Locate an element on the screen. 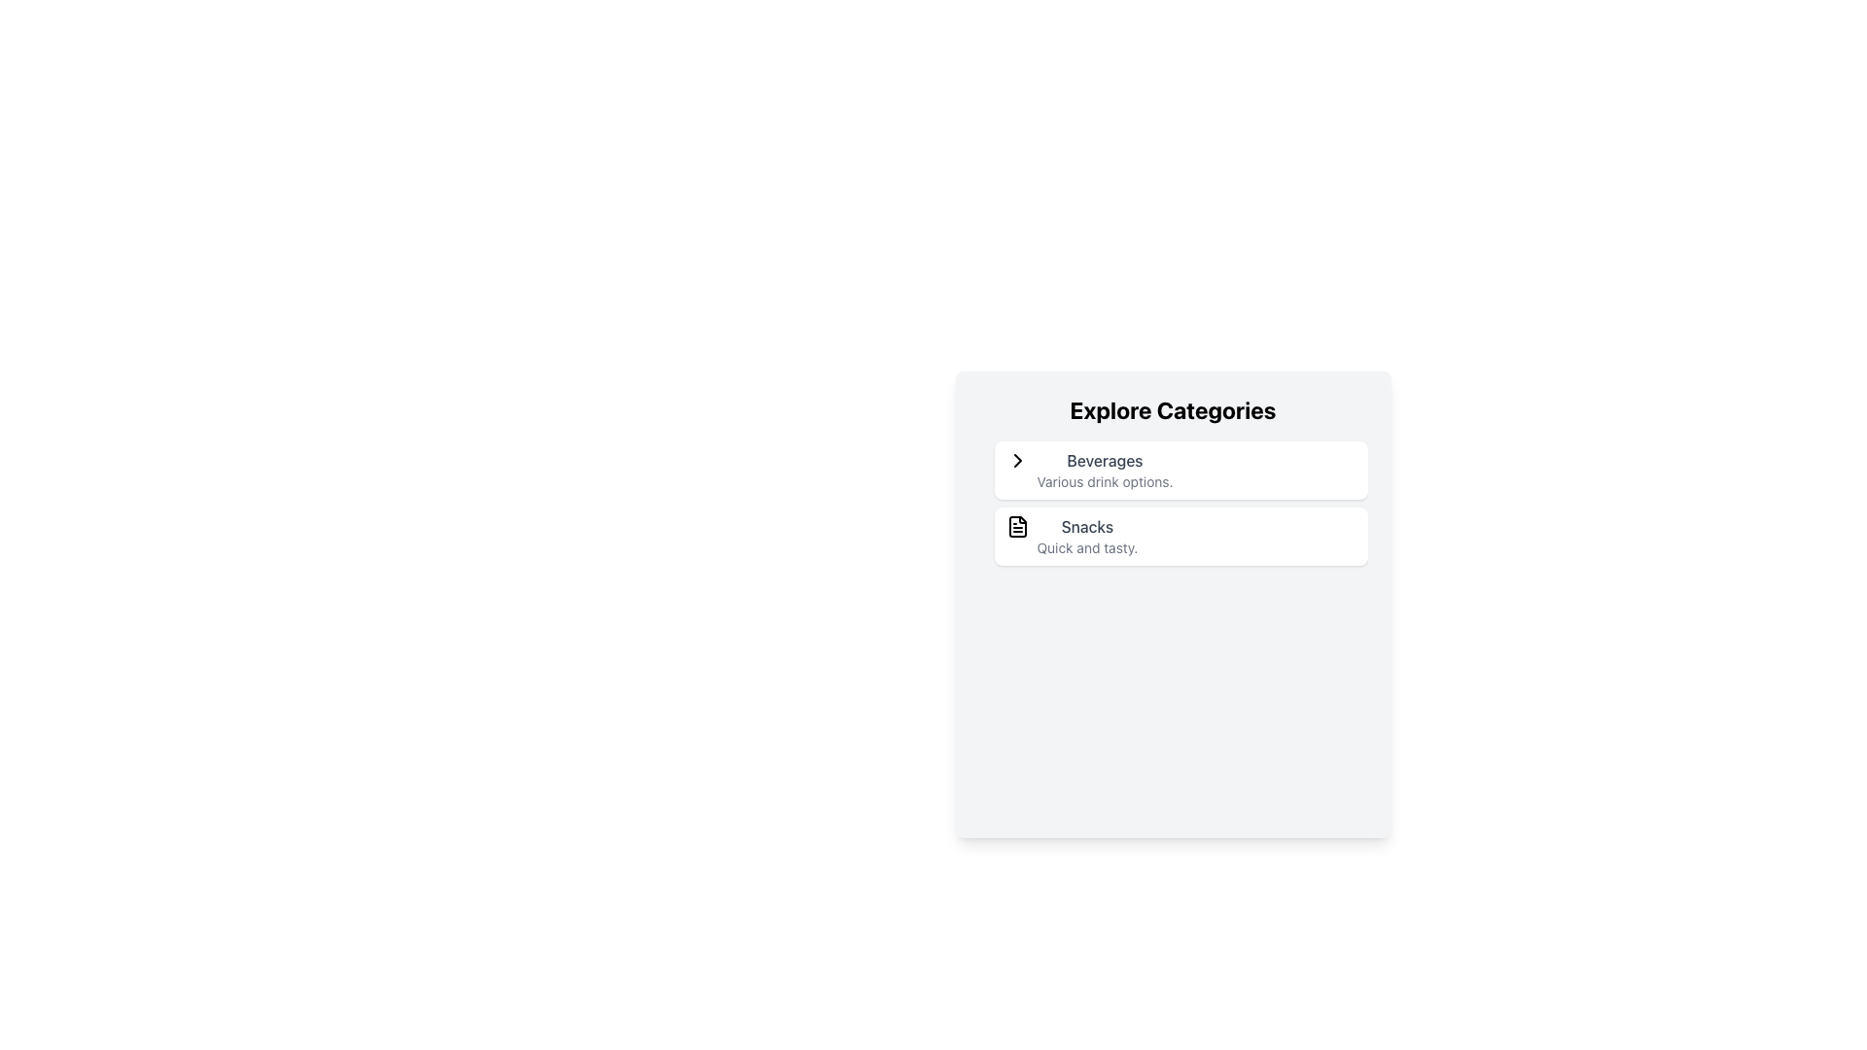  the static text label that describes the 'Beverages' category, which is positioned directly below the 'Beverages' label in the 'Explore Categories' section is located at coordinates (1105, 481).